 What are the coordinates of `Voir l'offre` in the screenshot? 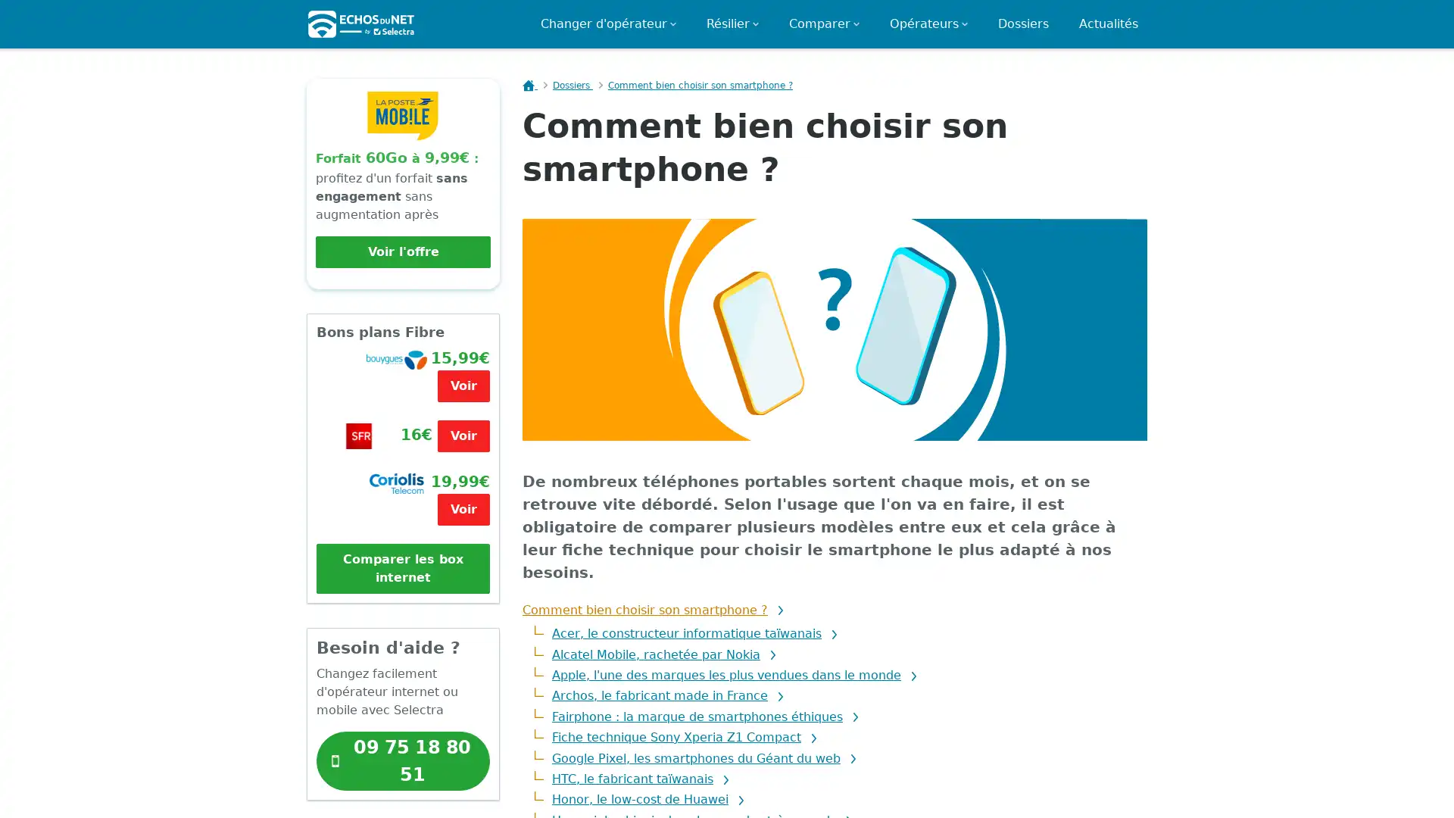 It's located at (403, 250).